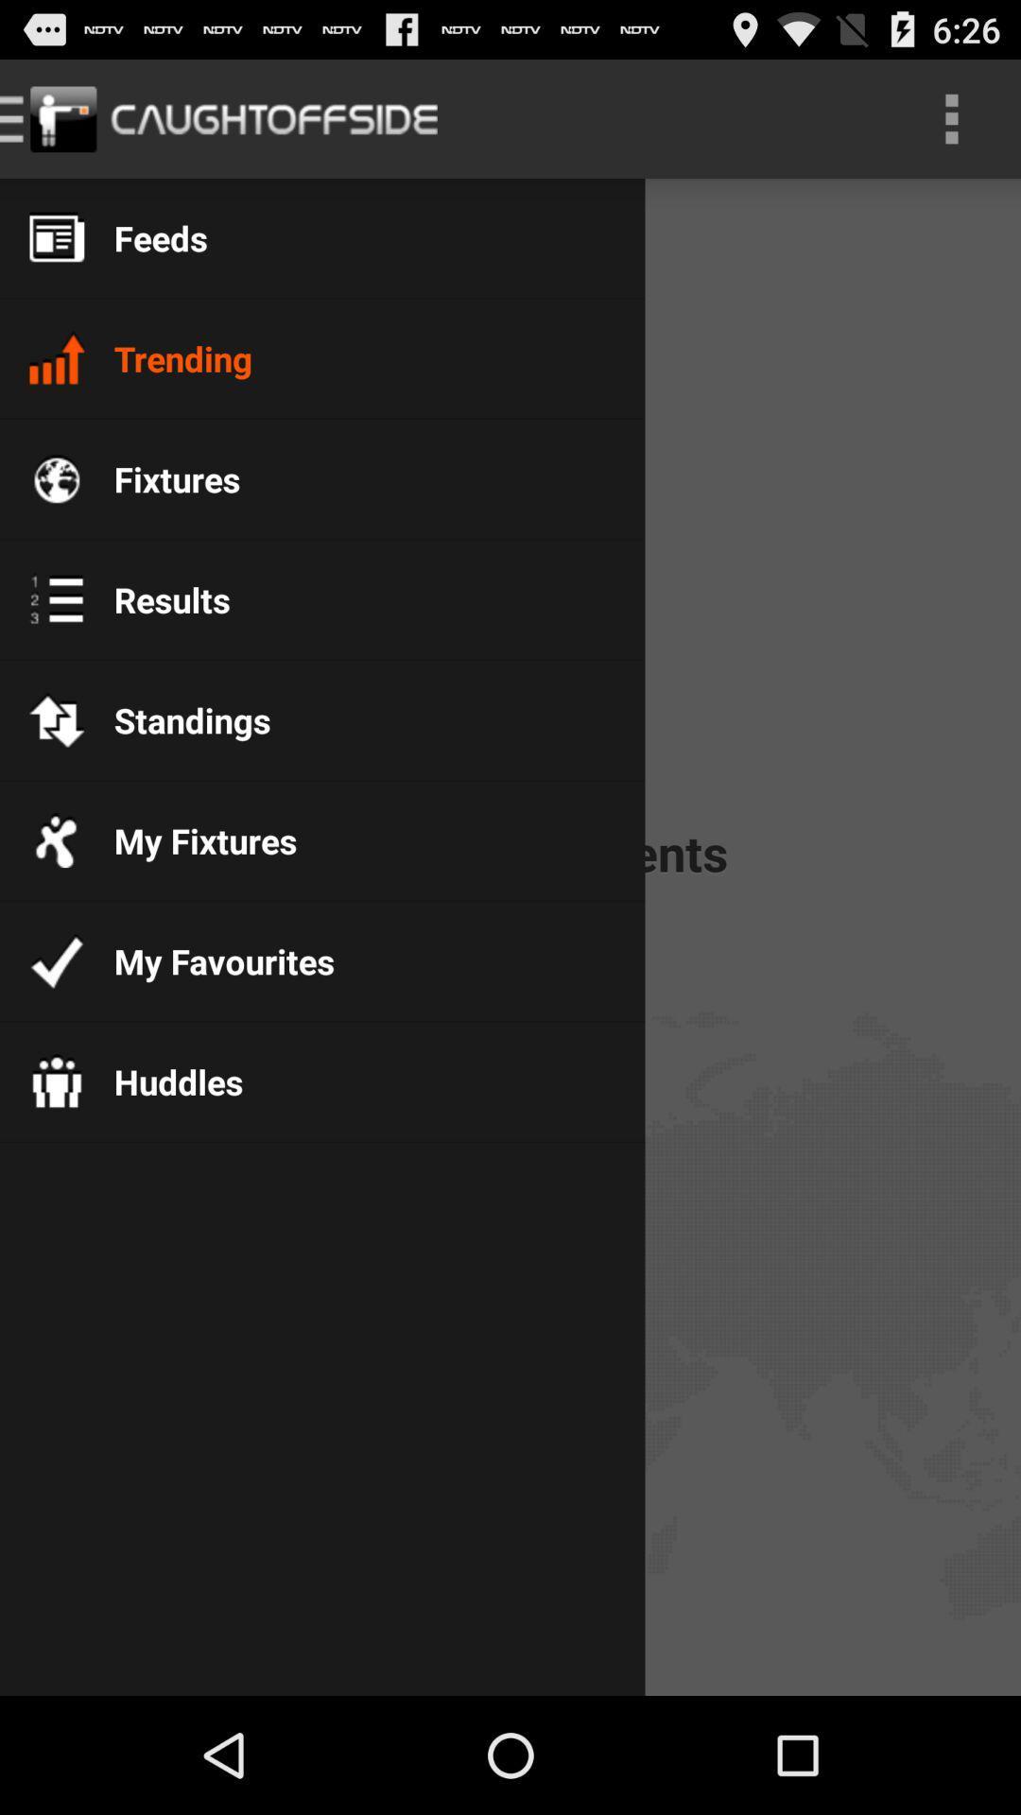  What do you see at coordinates (190, 839) in the screenshot?
I see `the my fixtures item` at bounding box center [190, 839].